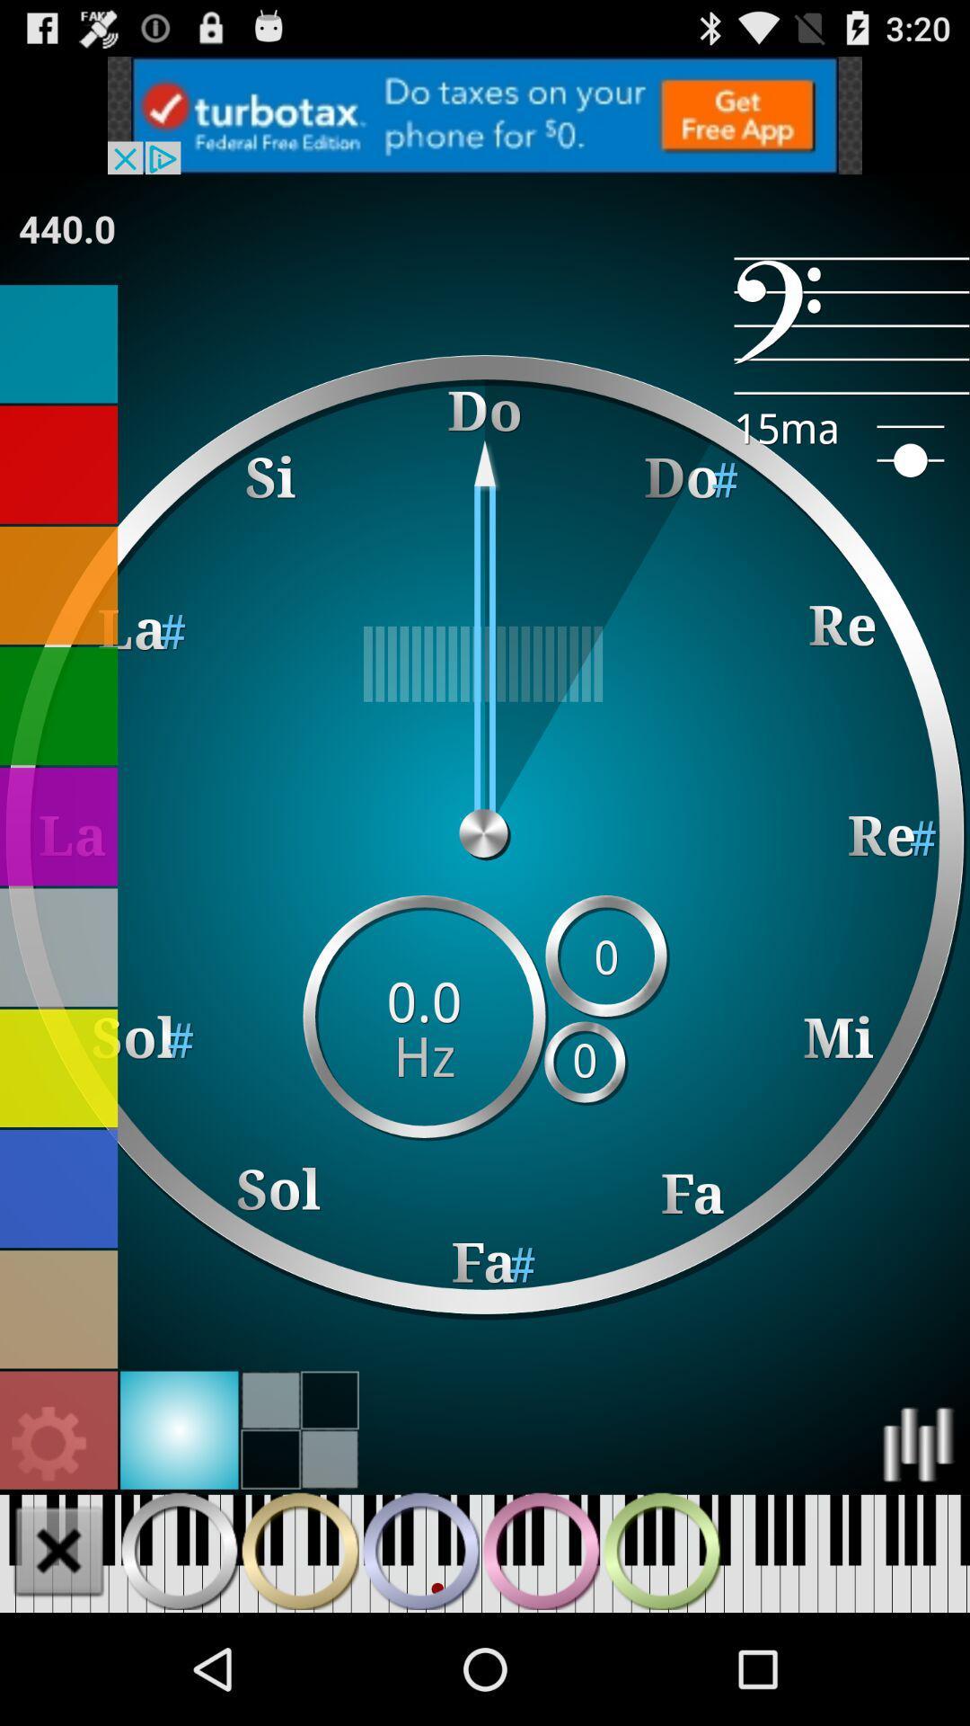  Describe the element at coordinates (57, 1068) in the screenshot. I see `yellow color palette` at that location.